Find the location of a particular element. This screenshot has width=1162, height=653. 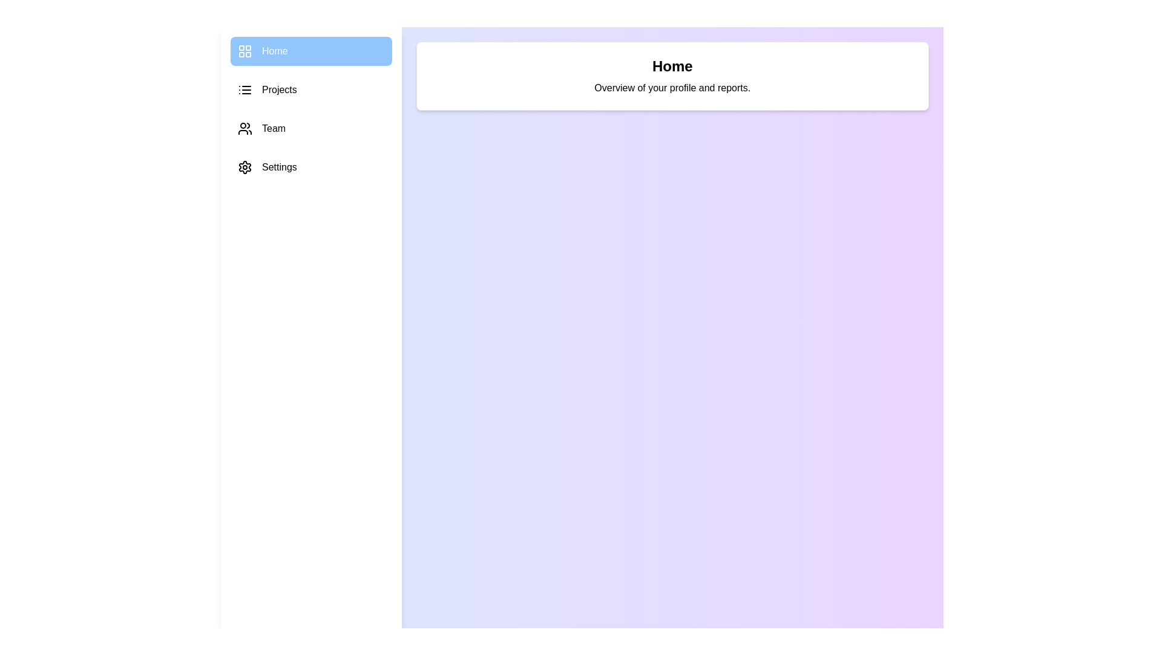

the sidebar item labeled Settings to view its hover effects is located at coordinates (311, 167).